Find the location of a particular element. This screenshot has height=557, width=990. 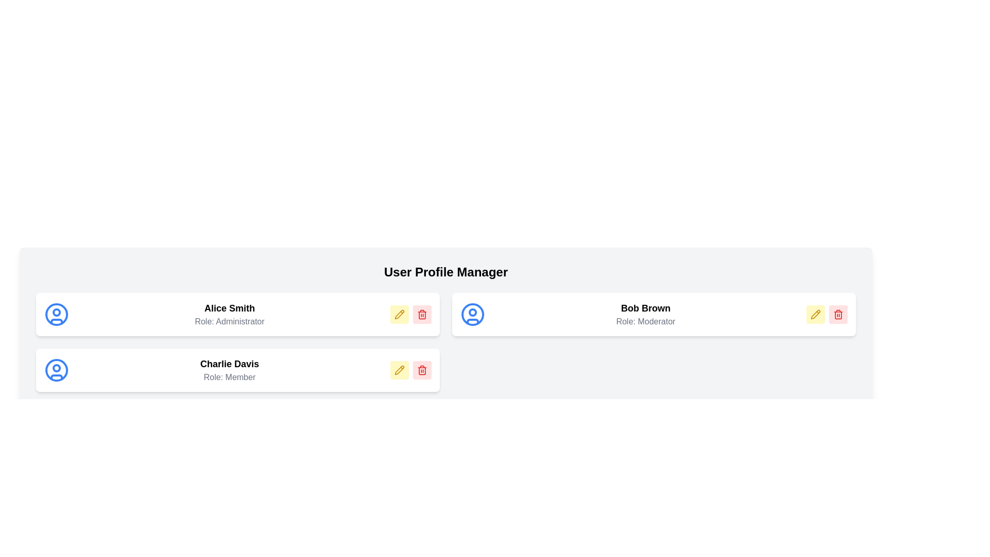

the deletion button located on the rightmost side of the layout group under the user profile box for 'Charlie Davis' is located at coordinates (422, 369).